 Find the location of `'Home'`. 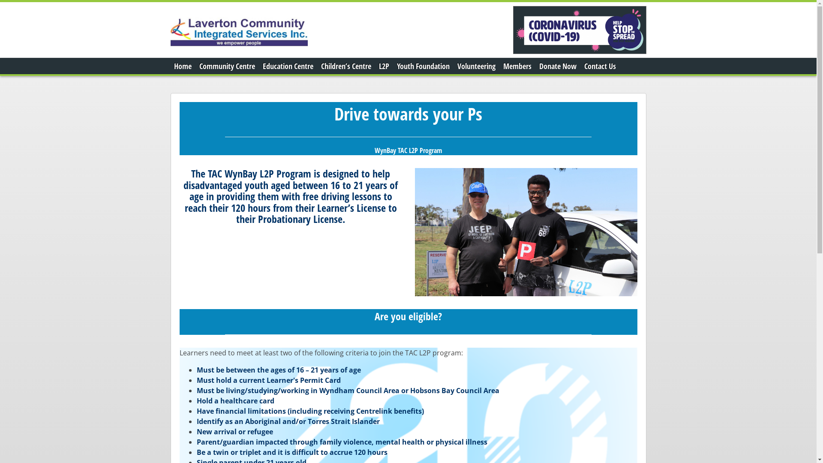

'Home' is located at coordinates (182, 66).